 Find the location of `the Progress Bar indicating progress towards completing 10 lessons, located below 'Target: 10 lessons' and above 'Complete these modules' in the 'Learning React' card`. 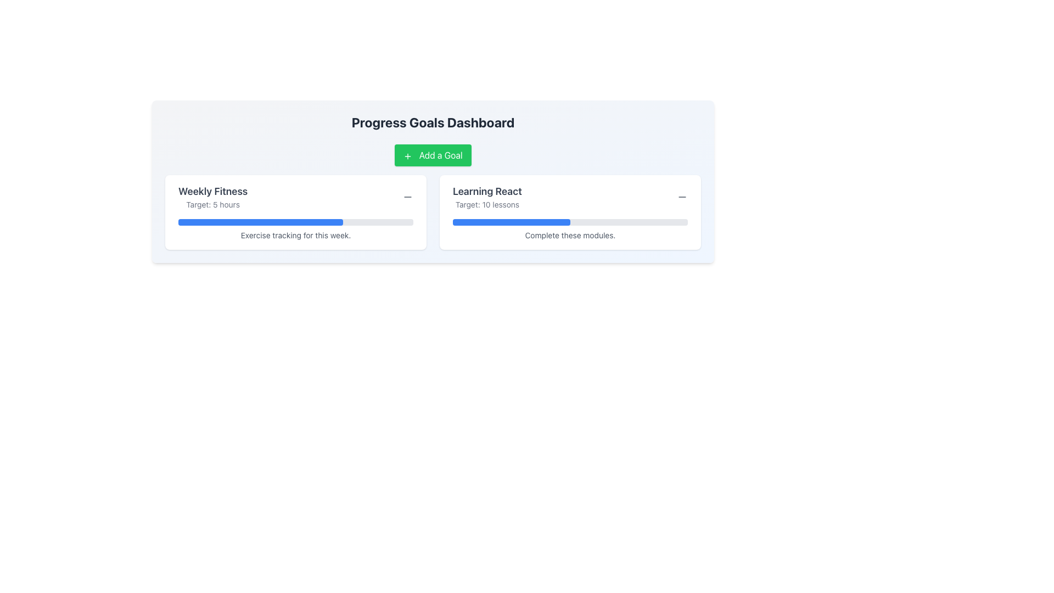

the Progress Bar indicating progress towards completing 10 lessons, located below 'Target: 10 lessons' and above 'Complete these modules' in the 'Learning React' card is located at coordinates (570, 222).